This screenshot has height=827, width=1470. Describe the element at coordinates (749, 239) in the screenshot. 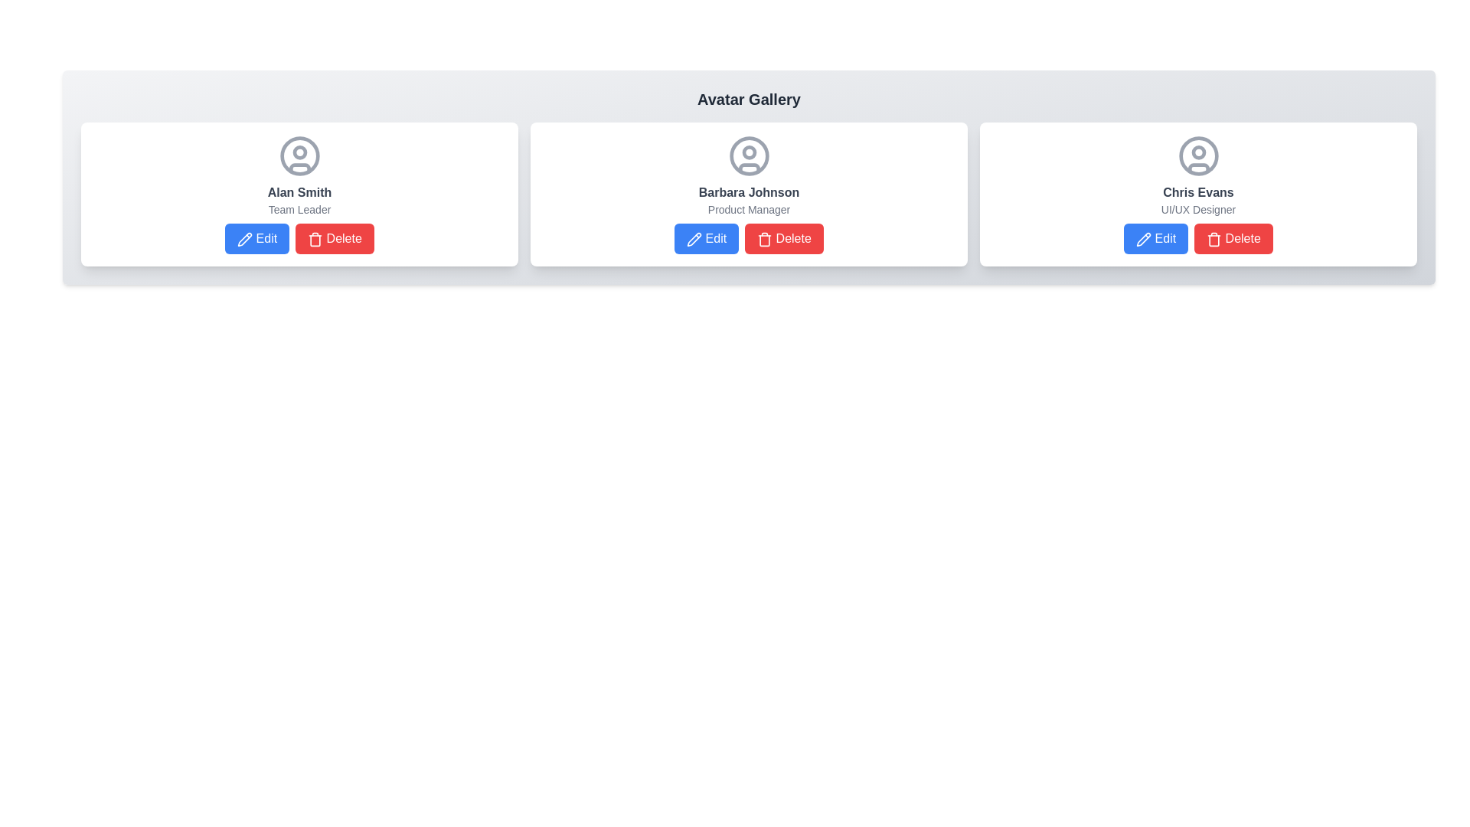

I see `the 'Delete' button located below the designation 'Product Manager' and the name 'Barbara Johnson' in the middle card of a three-card layout` at that location.